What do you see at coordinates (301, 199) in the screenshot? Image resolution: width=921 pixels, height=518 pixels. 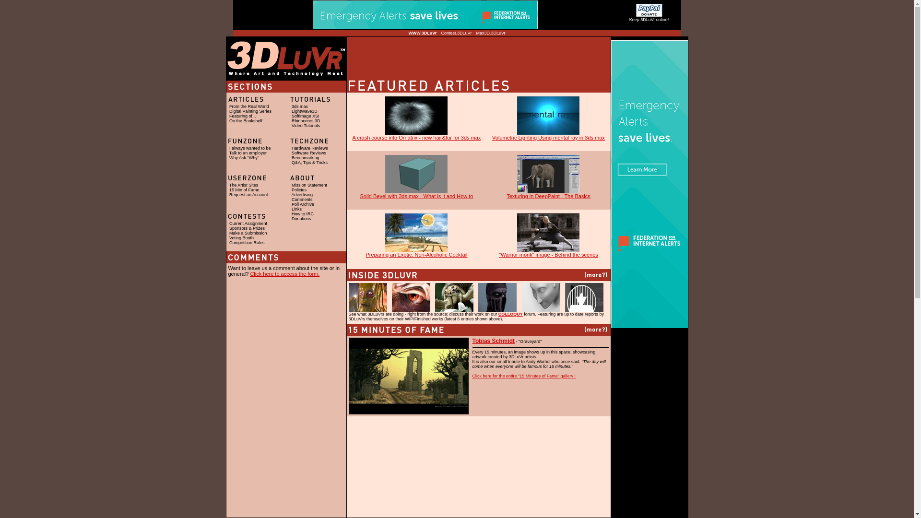 I see `'Comments'` at bounding box center [301, 199].